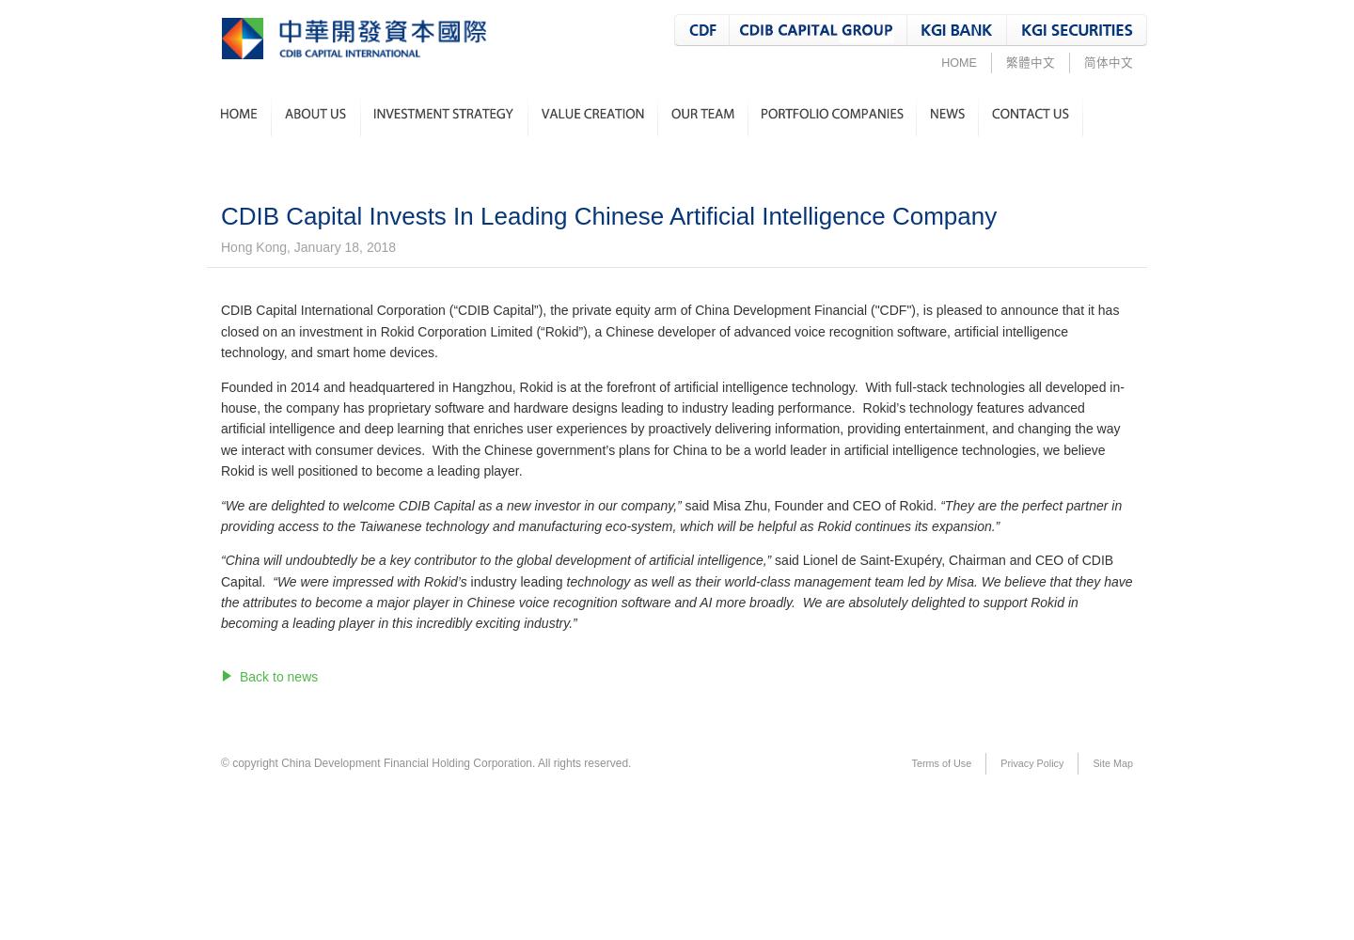 The height and width of the screenshot is (940, 1354). I want to click on '“We were impressed with Rokid’s', so click(370, 580).